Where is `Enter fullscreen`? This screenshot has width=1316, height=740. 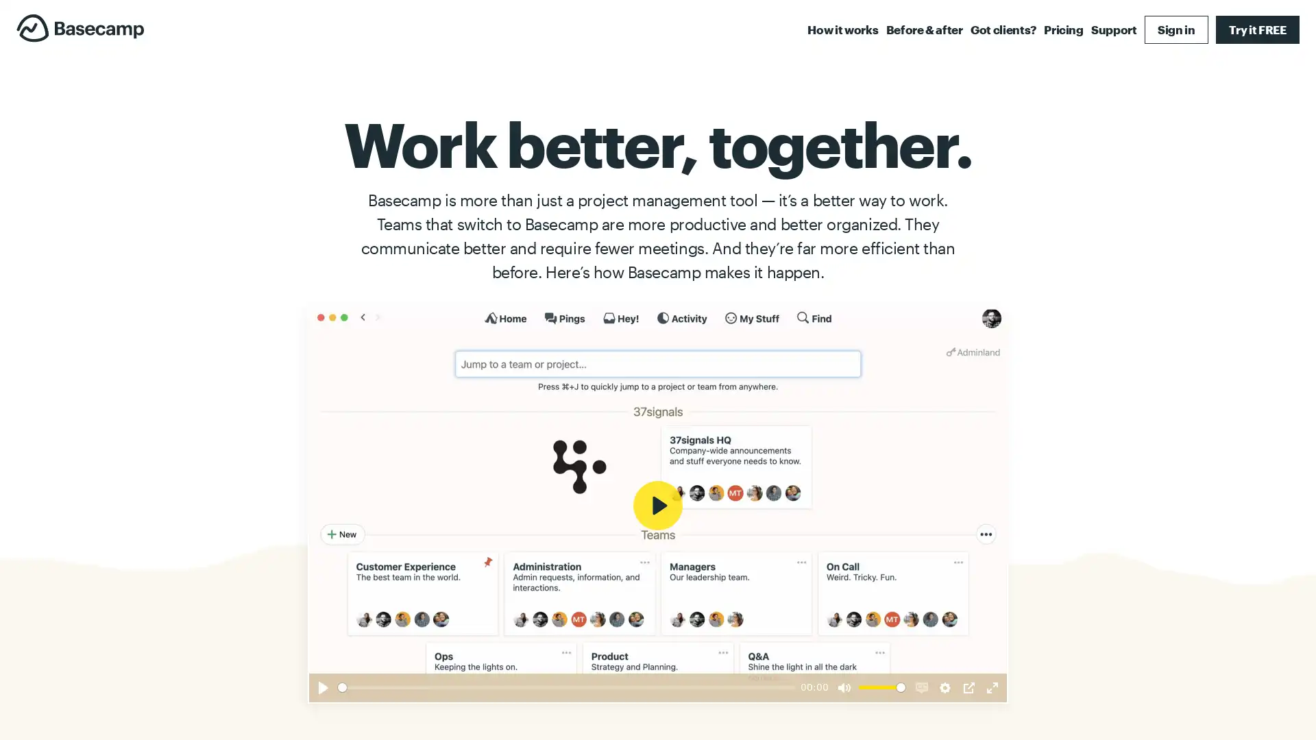 Enter fullscreen is located at coordinates (992, 687).